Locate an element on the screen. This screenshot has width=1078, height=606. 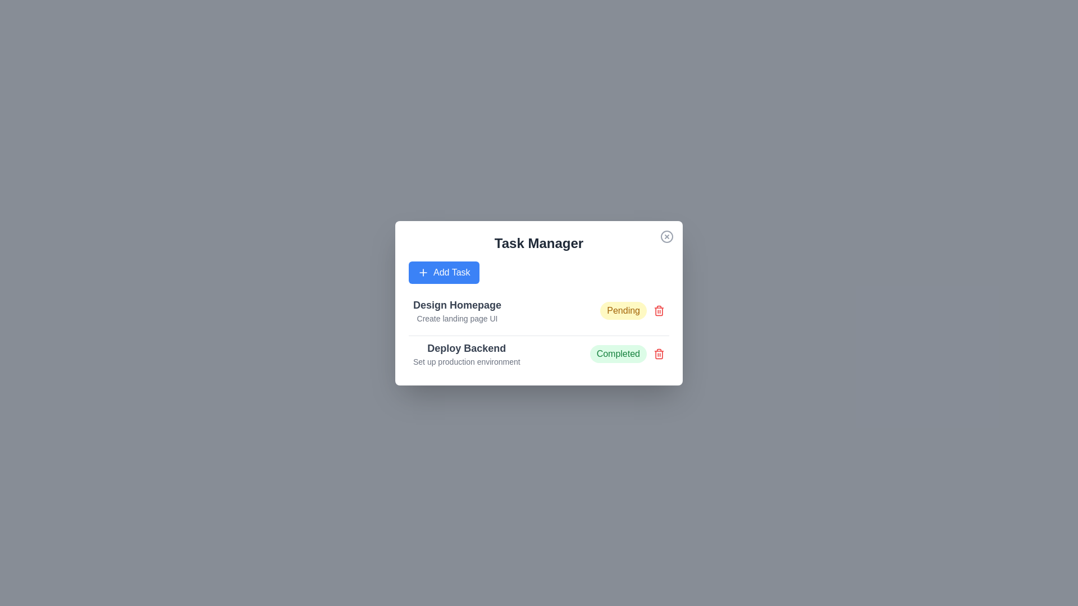
the button located beneath the title 'Task Manager' in the top-left part of the card window is located at coordinates (443, 272).